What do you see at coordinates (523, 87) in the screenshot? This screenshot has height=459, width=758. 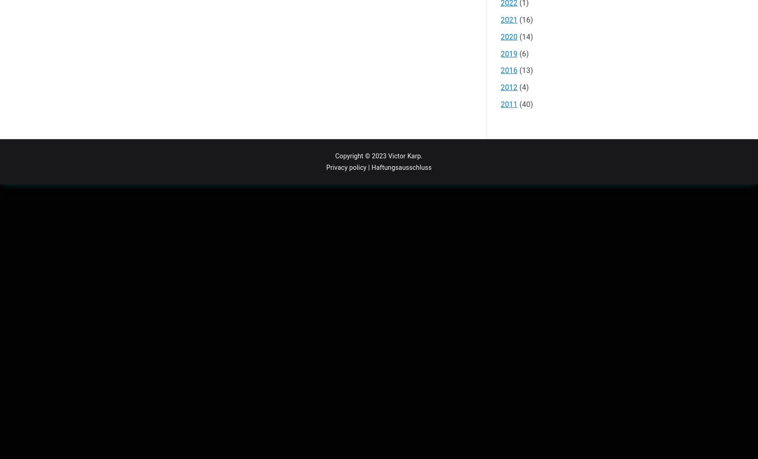 I see `'(4)'` at bounding box center [523, 87].